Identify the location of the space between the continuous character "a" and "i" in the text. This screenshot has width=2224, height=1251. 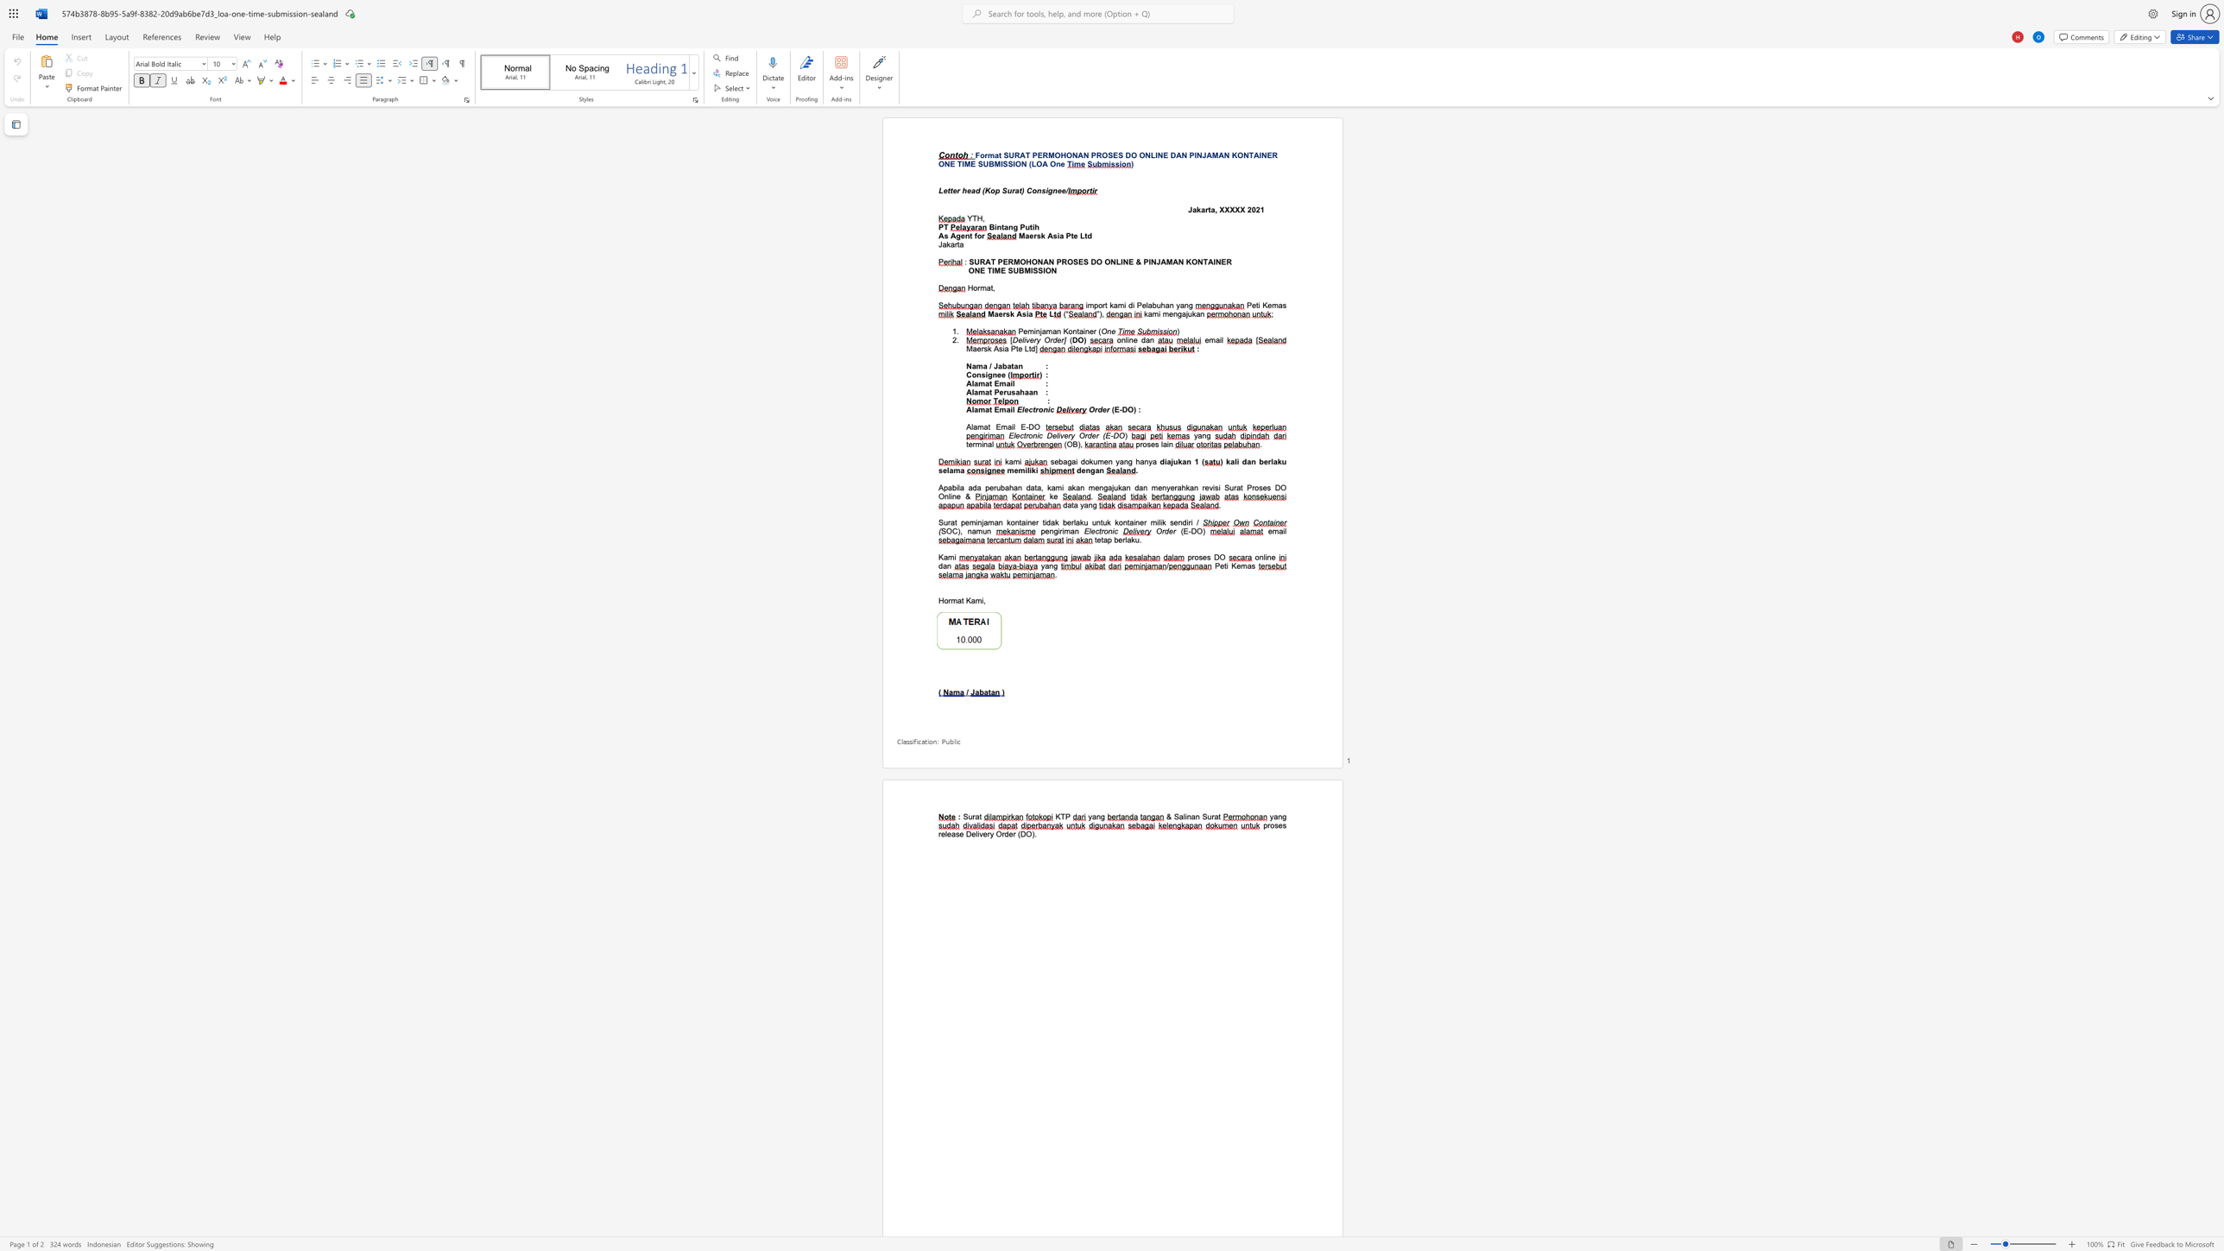
(1011, 426).